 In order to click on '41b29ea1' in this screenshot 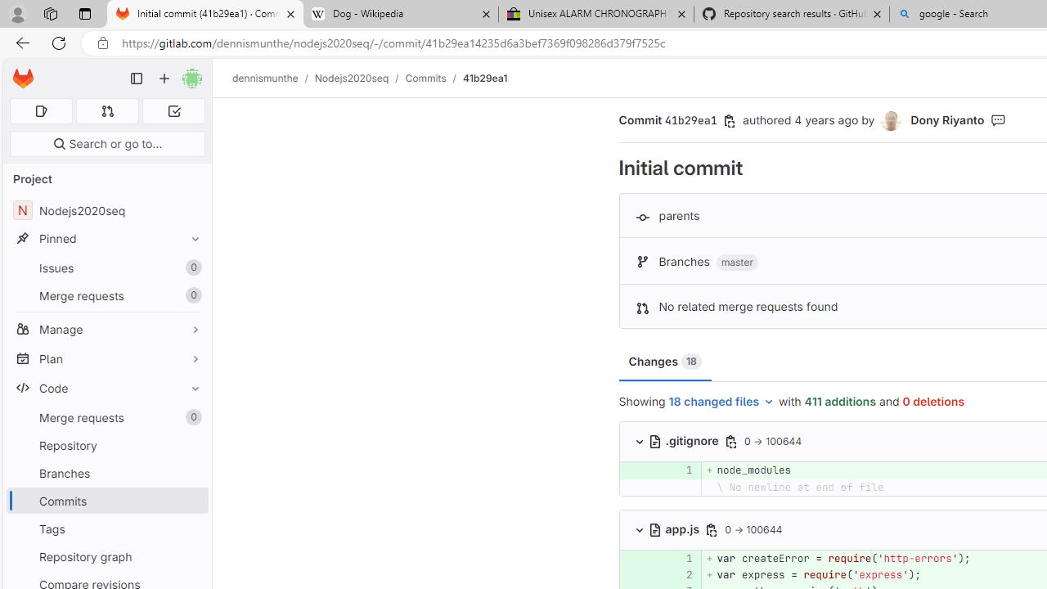, I will do `click(483, 78)`.